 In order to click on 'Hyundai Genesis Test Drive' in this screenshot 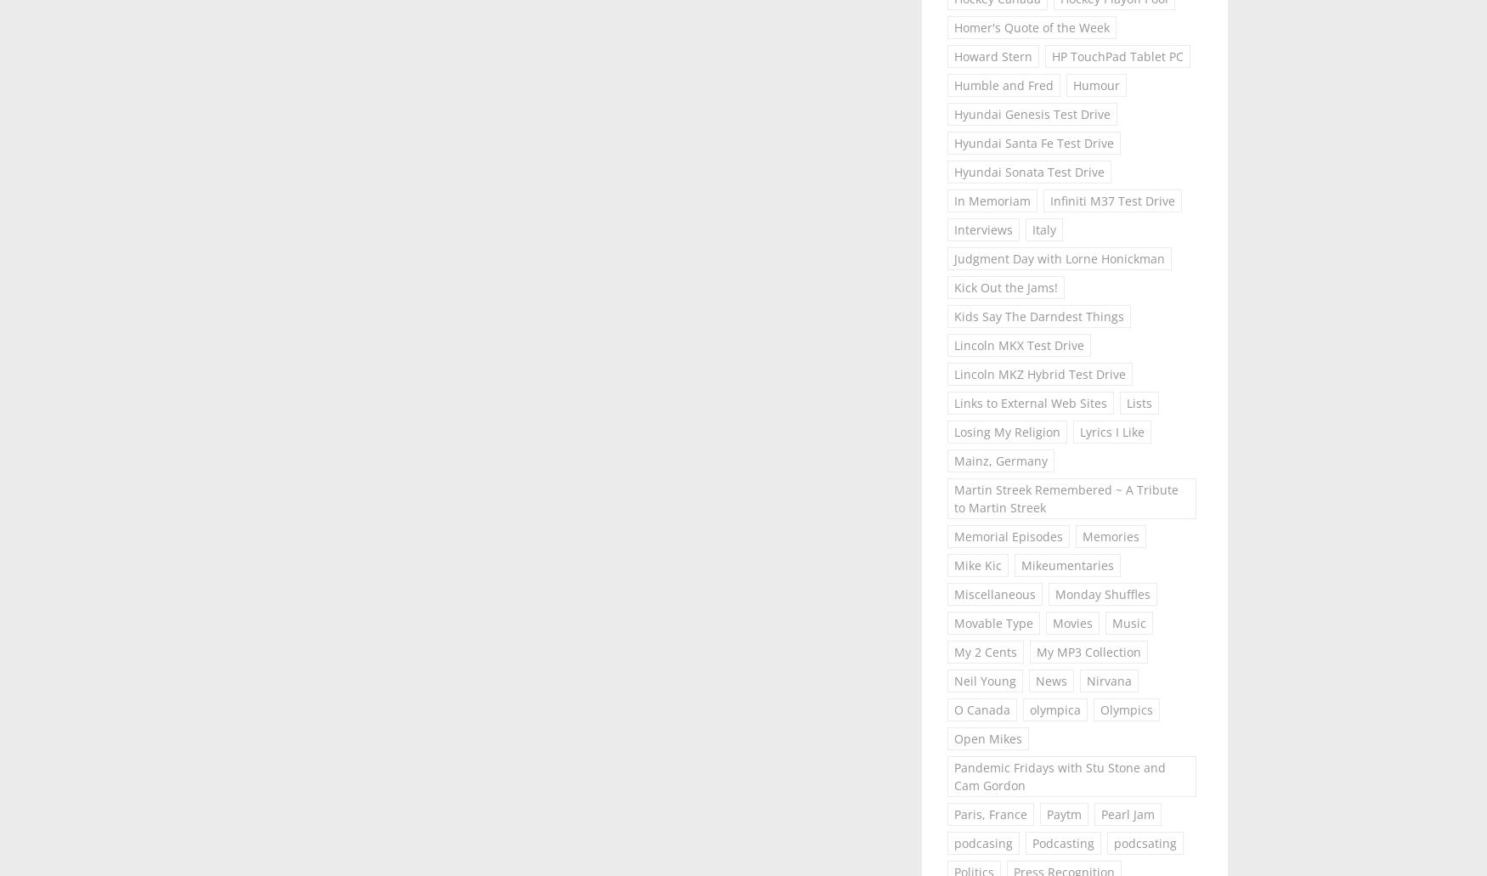, I will do `click(1032, 112)`.